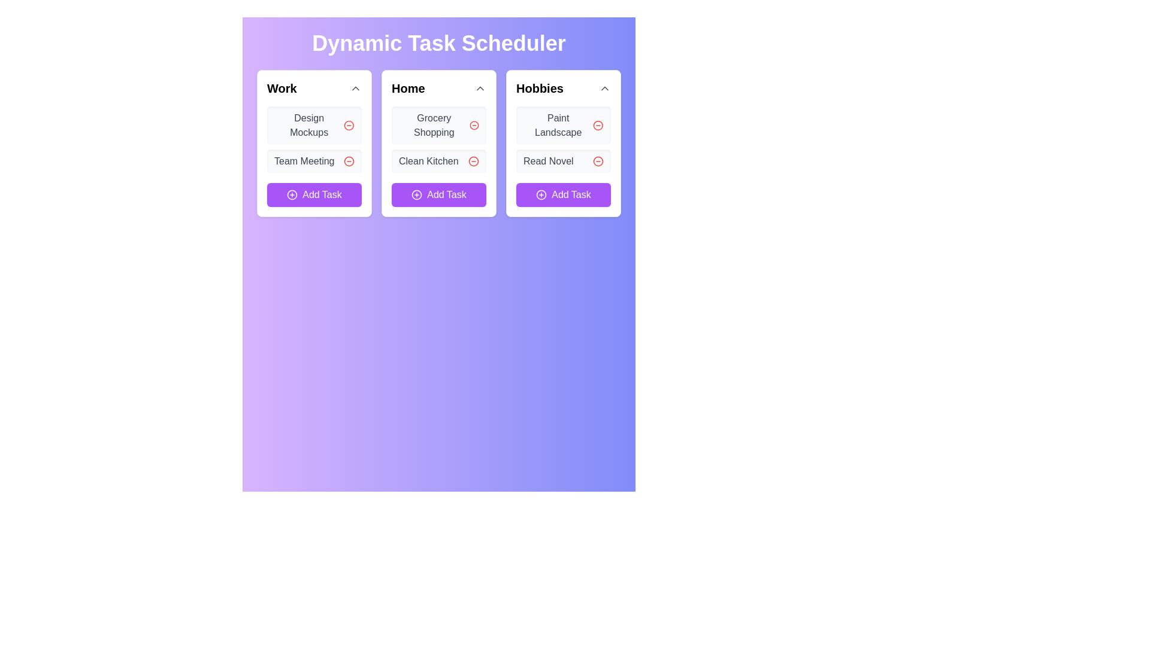  I want to click on the toggle button located at the top-right corner of the 'Hobbies' section, so click(604, 87).